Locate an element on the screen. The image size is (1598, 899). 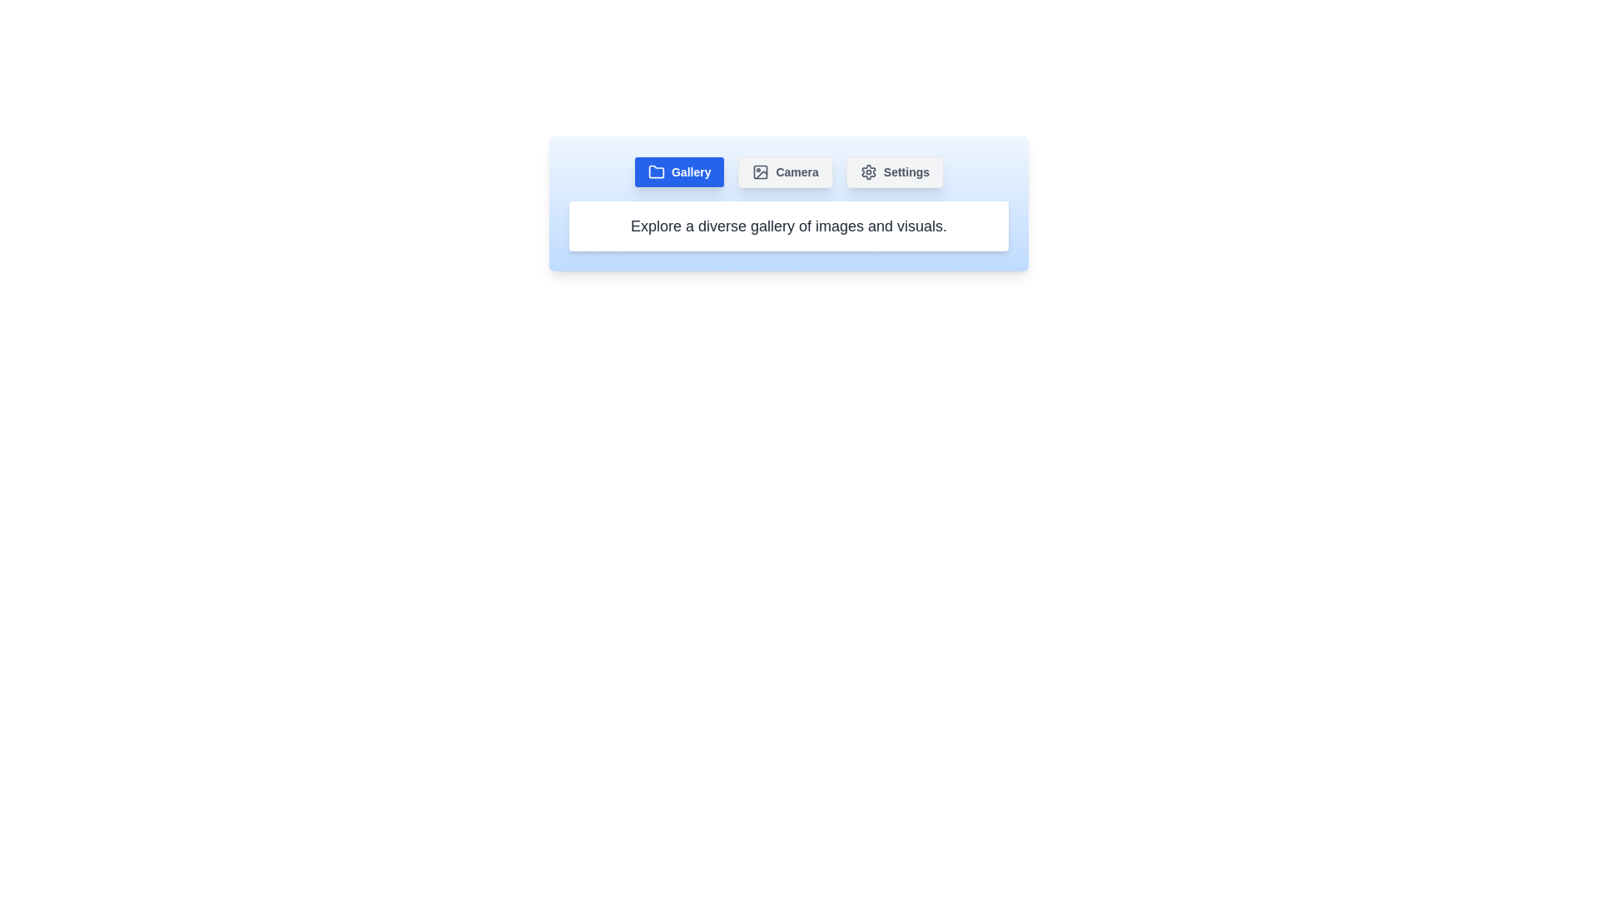
the cogwheel-shaped icon representing settings located in the top-right section of the interface is located at coordinates (867, 172).